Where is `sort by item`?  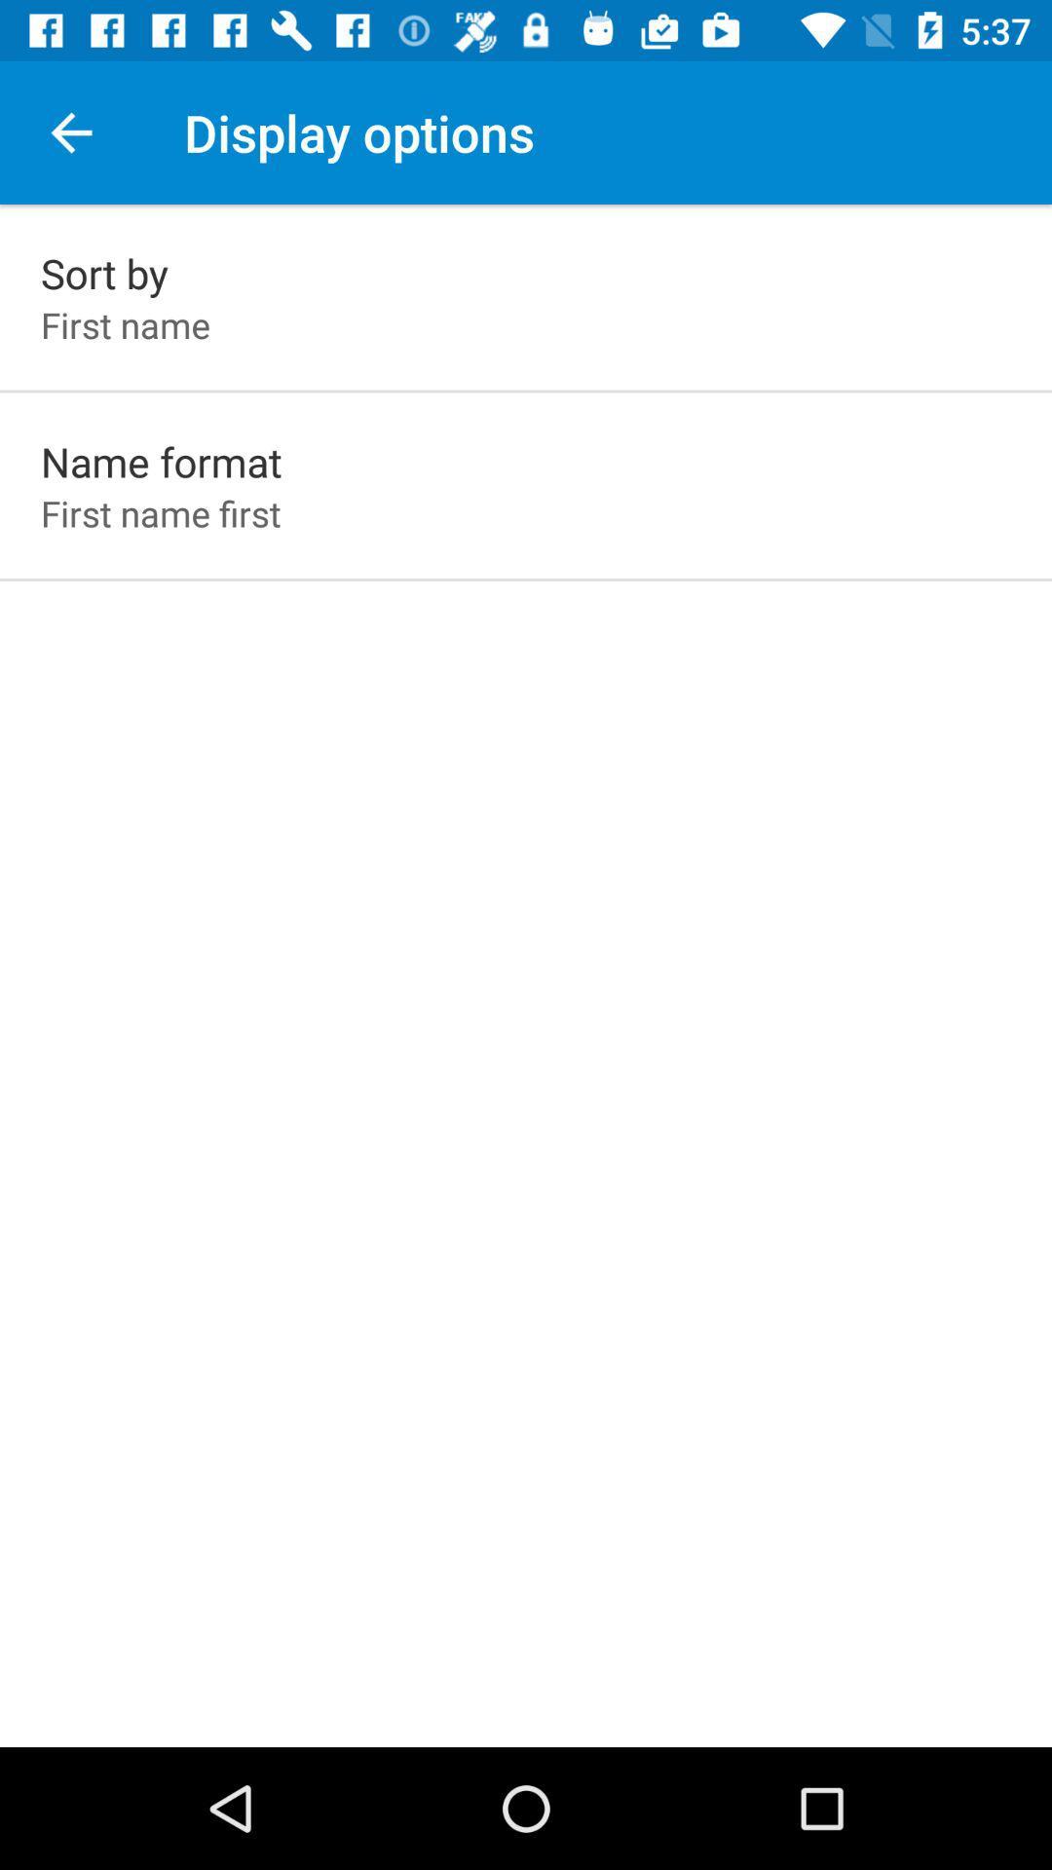 sort by item is located at coordinates (104, 272).